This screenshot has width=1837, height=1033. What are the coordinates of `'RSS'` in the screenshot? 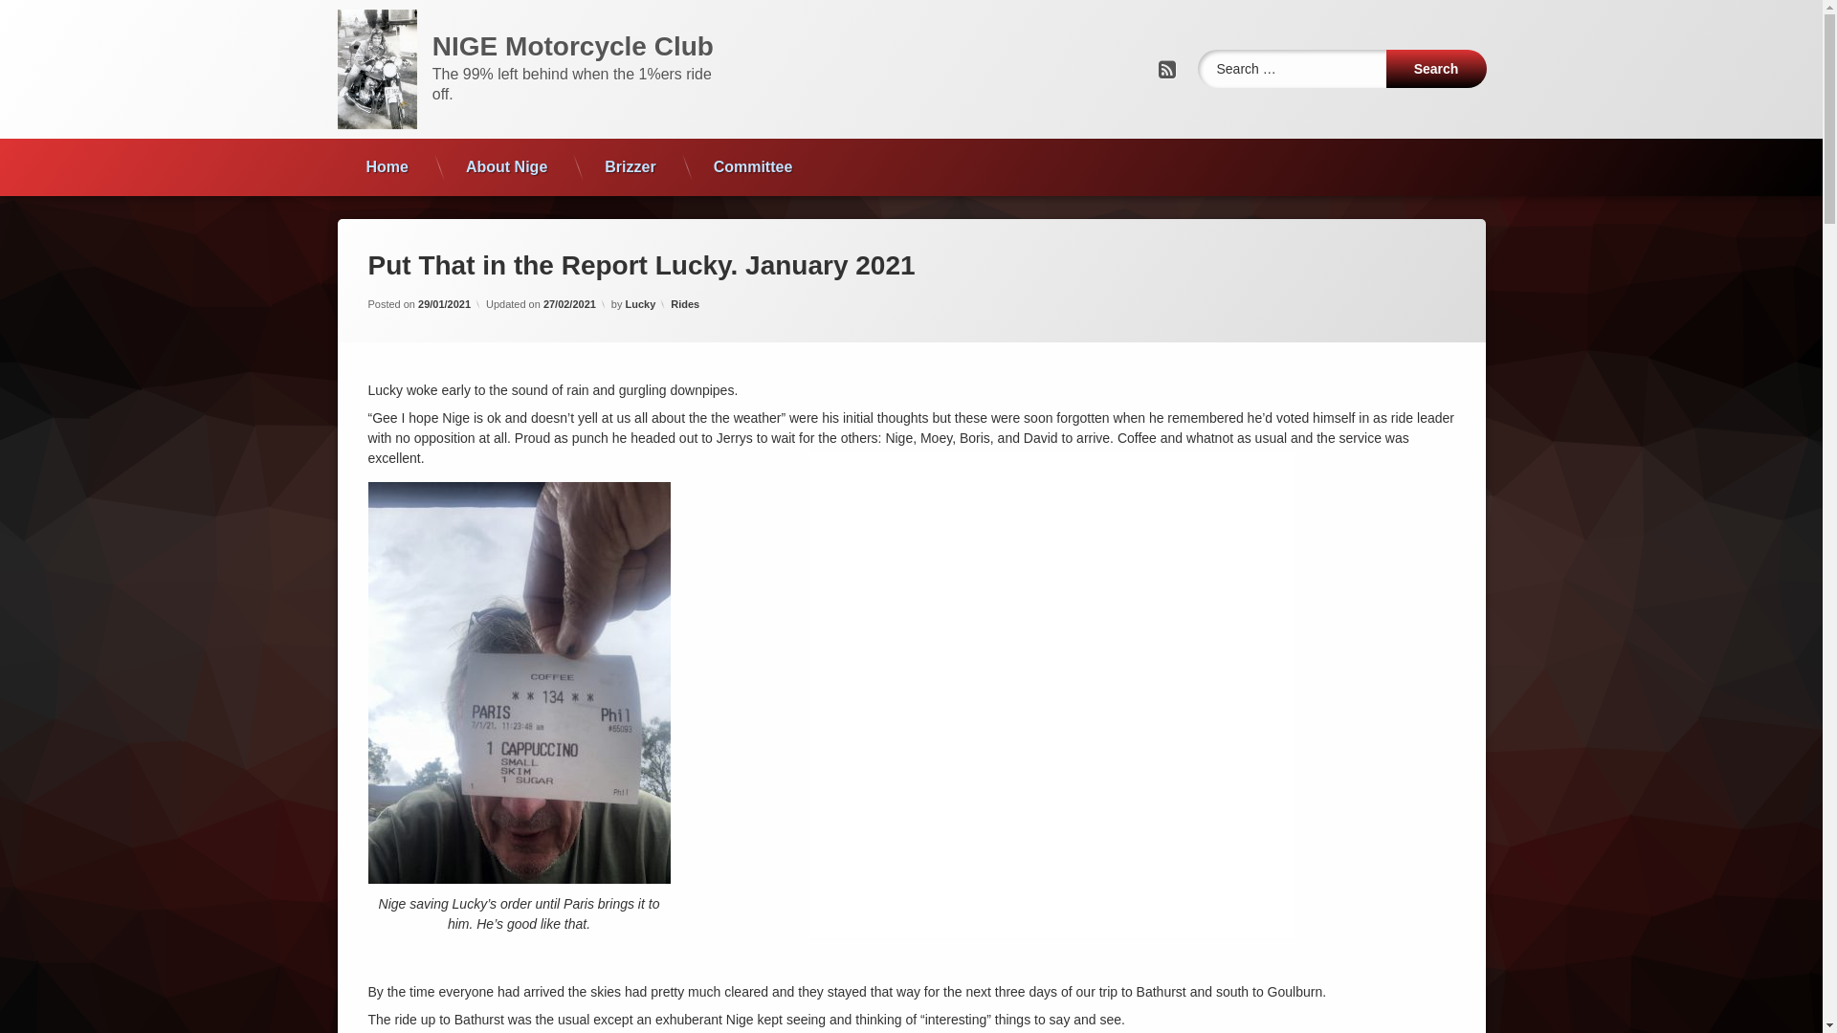 It's located at (1165, 68).